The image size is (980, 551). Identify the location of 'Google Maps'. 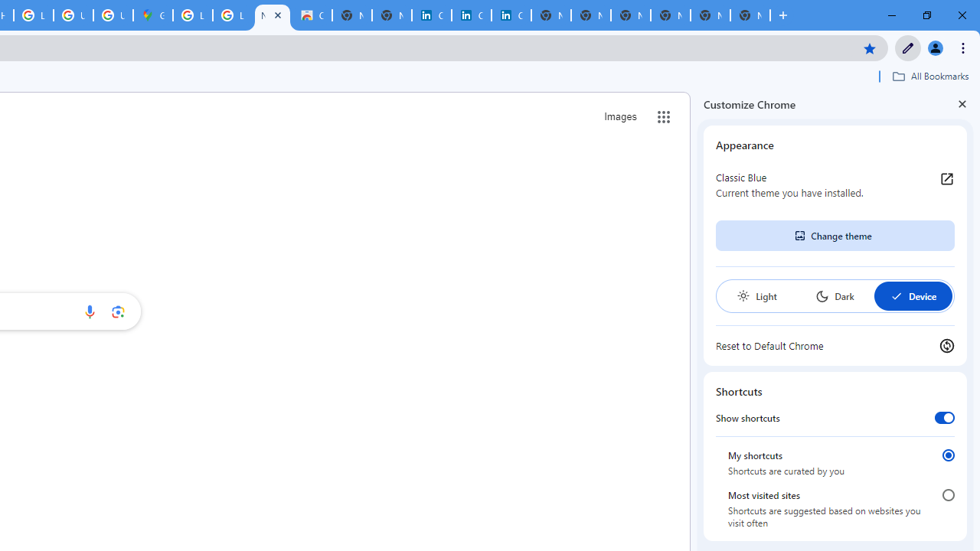
(153, 15).